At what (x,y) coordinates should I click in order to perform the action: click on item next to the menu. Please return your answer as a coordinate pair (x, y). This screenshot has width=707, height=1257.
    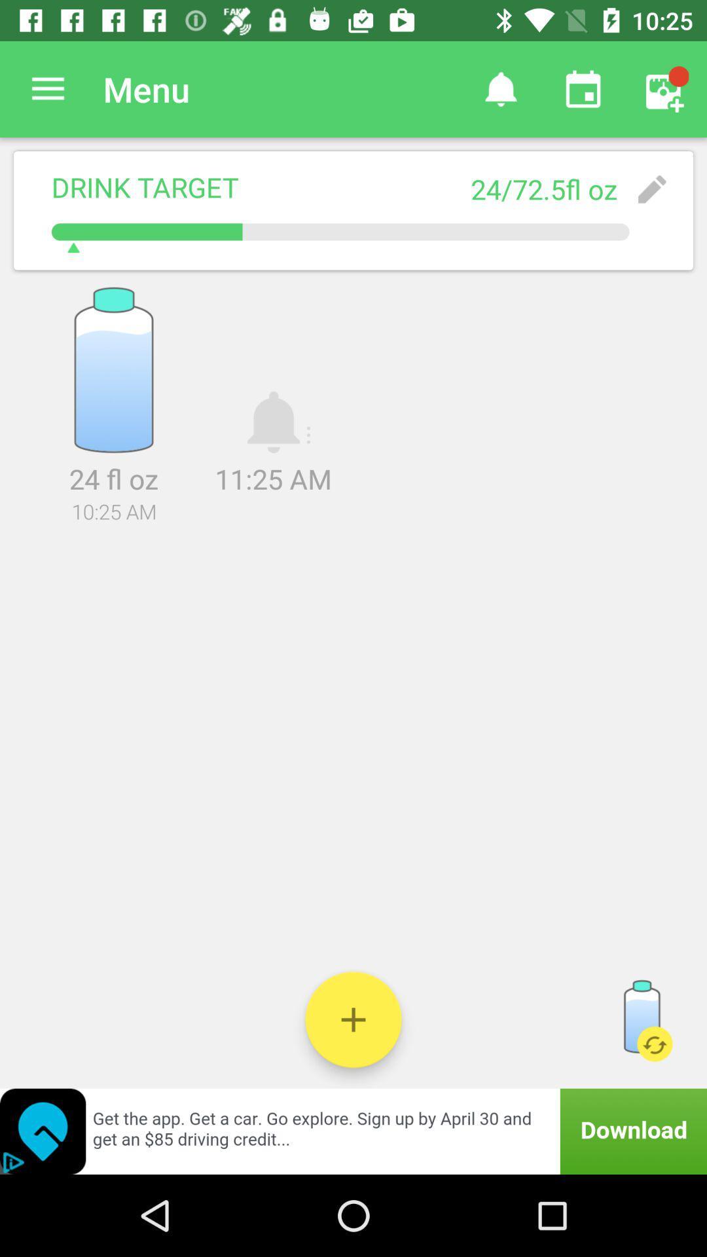
    Looking at the image, I should click on (500, 88).